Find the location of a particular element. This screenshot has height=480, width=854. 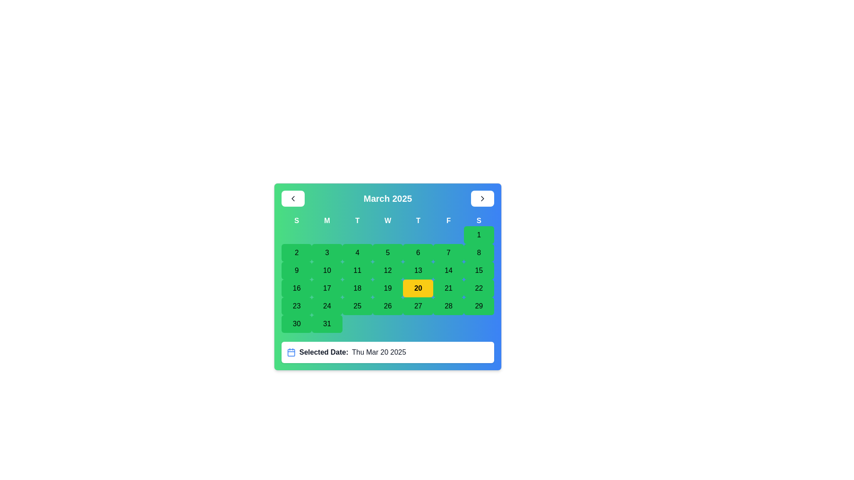

the calendar icon located at the far left of the footer section to interact with the date display or trigger a calendar-related action is located at coordinates (291, 352).